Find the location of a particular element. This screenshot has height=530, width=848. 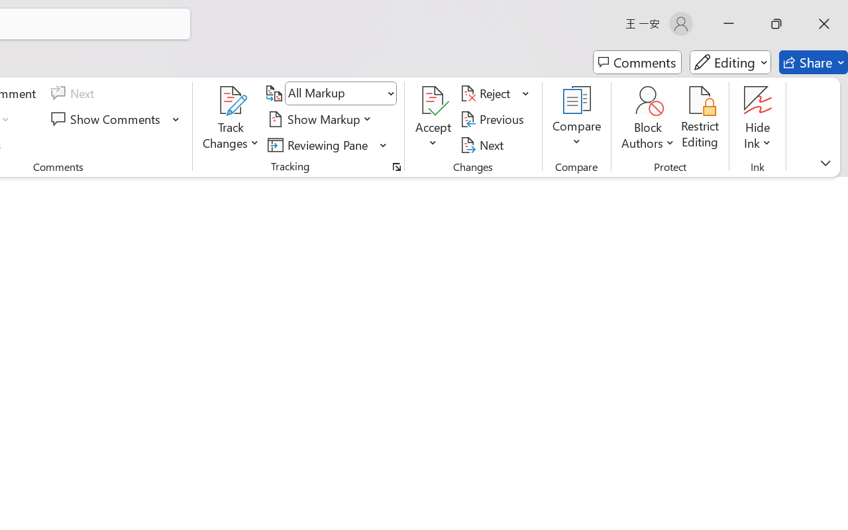

'Show Comments' is located at coordinates (107, 119).